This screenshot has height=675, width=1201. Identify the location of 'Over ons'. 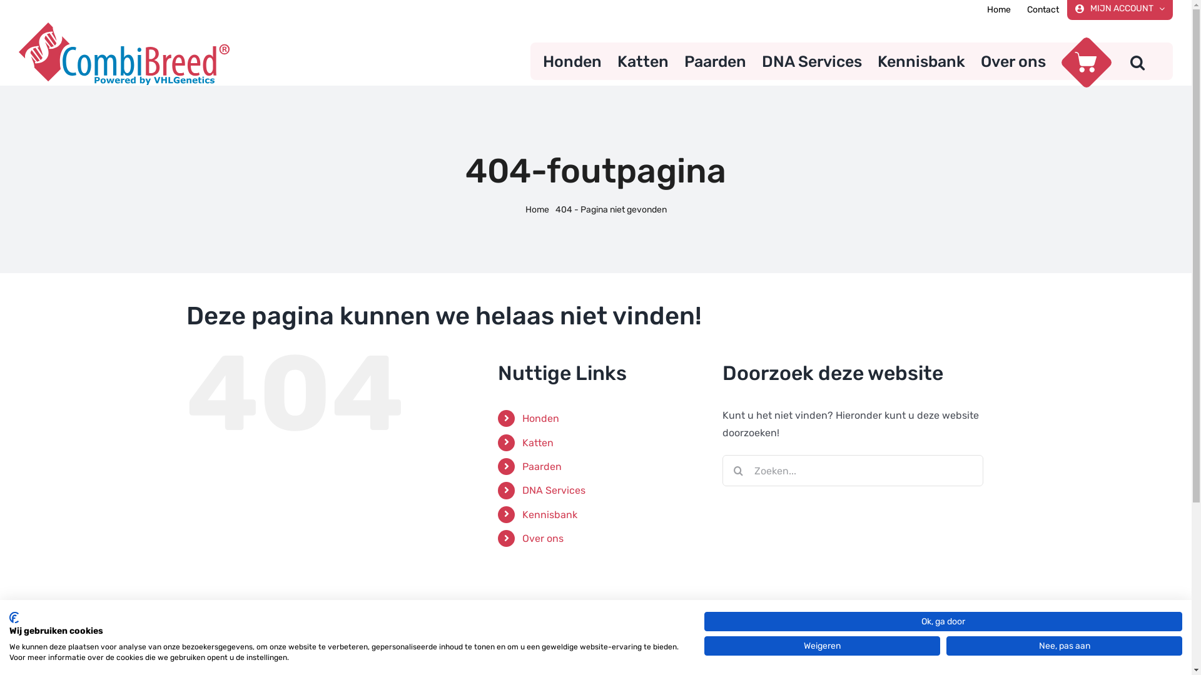
(980, 61).